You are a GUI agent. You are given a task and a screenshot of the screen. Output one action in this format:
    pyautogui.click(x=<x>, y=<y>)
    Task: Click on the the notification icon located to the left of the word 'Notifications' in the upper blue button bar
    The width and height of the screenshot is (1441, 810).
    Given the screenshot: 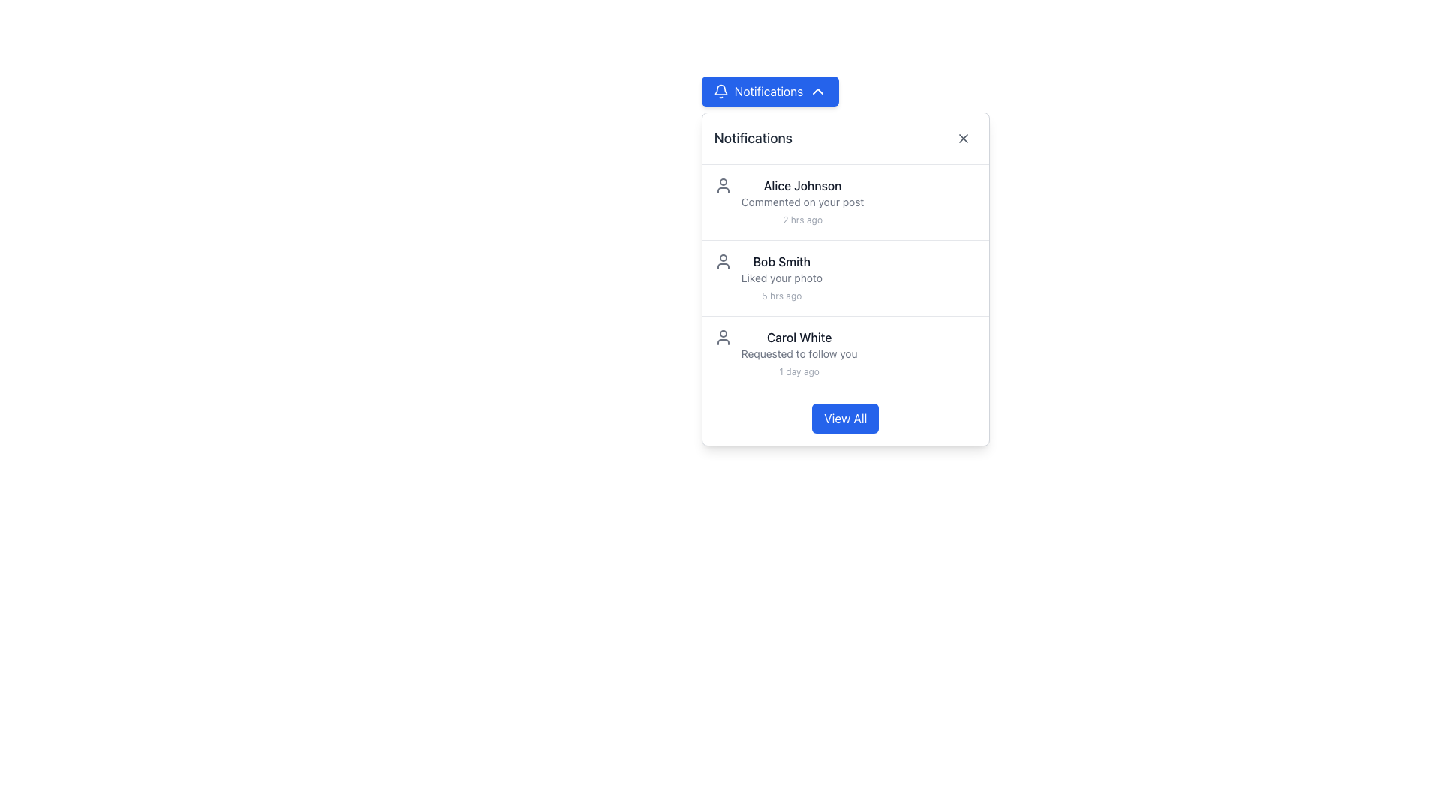 What is the action you would take?
    pyautogui.click(x=720, y=91)
    